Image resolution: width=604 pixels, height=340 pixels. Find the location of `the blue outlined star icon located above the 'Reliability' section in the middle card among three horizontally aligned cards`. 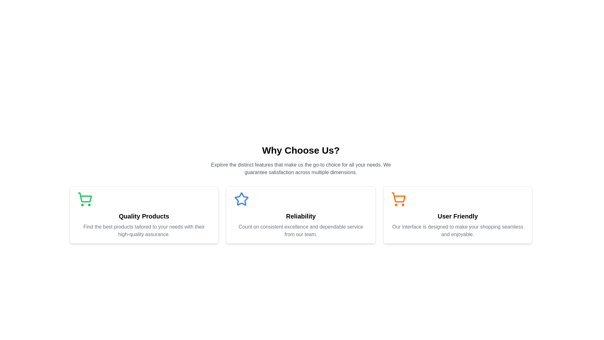

the blue outlined star icon located above the 'Reliability' section in the middle card among three horizontally aligned cards is located at coordinates (241, 199).